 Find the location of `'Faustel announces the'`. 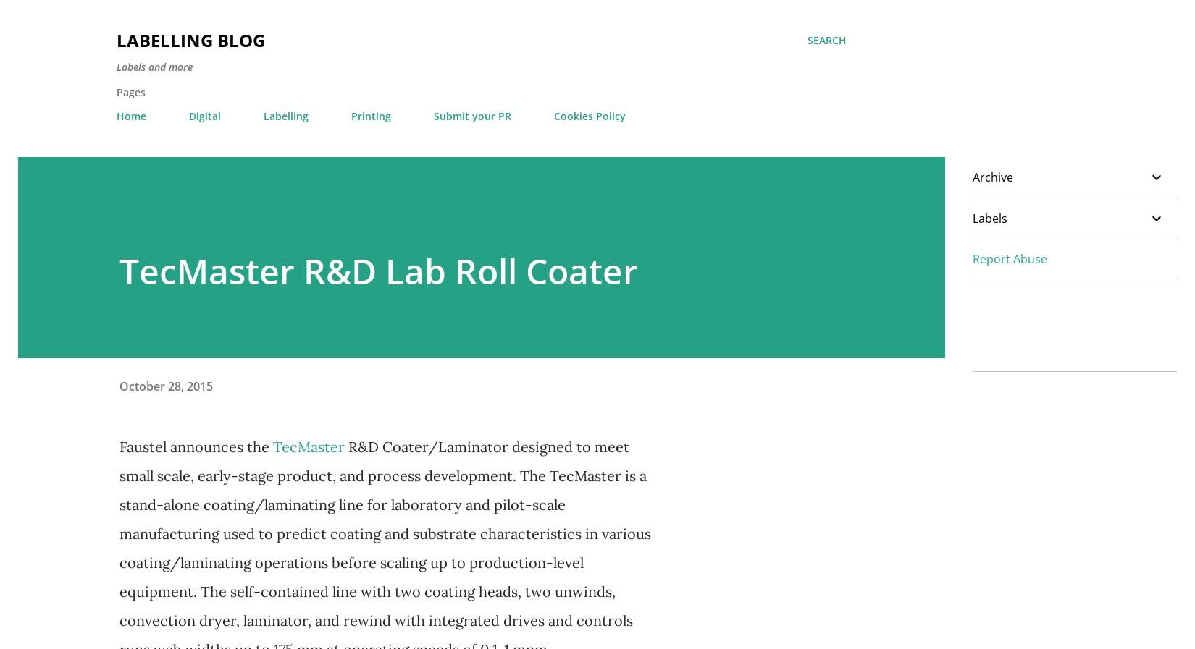

'Faustel announces the' is located at coordinates (119, 446).